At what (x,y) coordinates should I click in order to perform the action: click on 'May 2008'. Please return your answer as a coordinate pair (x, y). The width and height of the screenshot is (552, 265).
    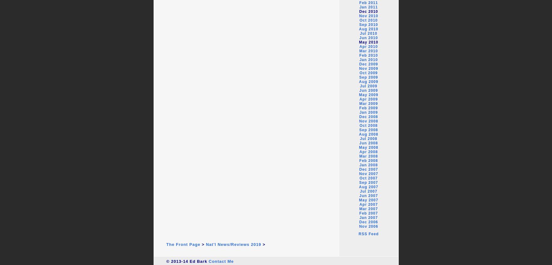
    Looking at the image, I should click on (368, 147).